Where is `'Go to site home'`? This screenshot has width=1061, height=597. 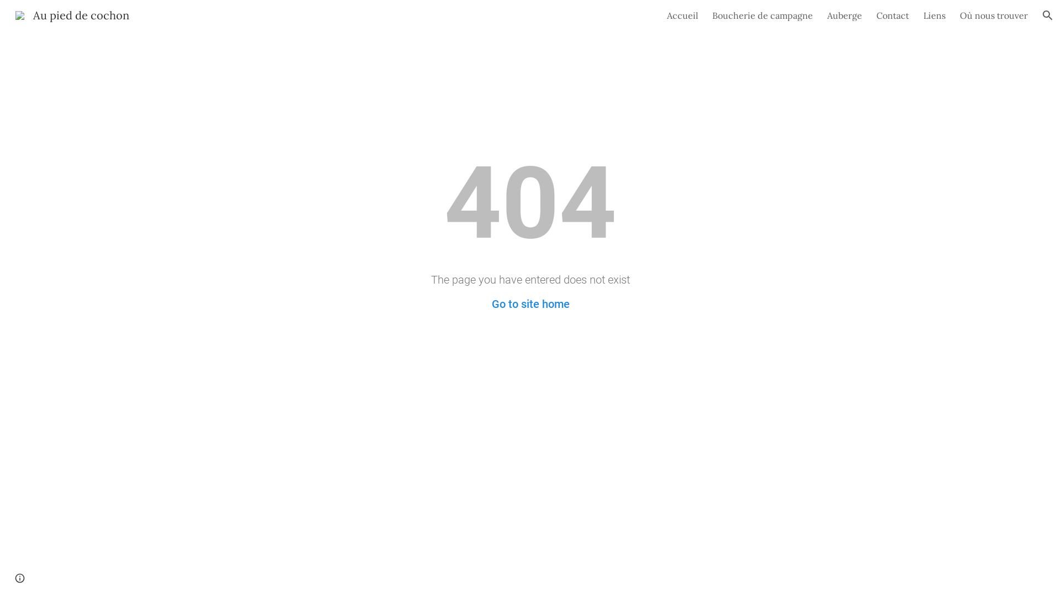 'Go to site home' is located at coordinates (530, 304).